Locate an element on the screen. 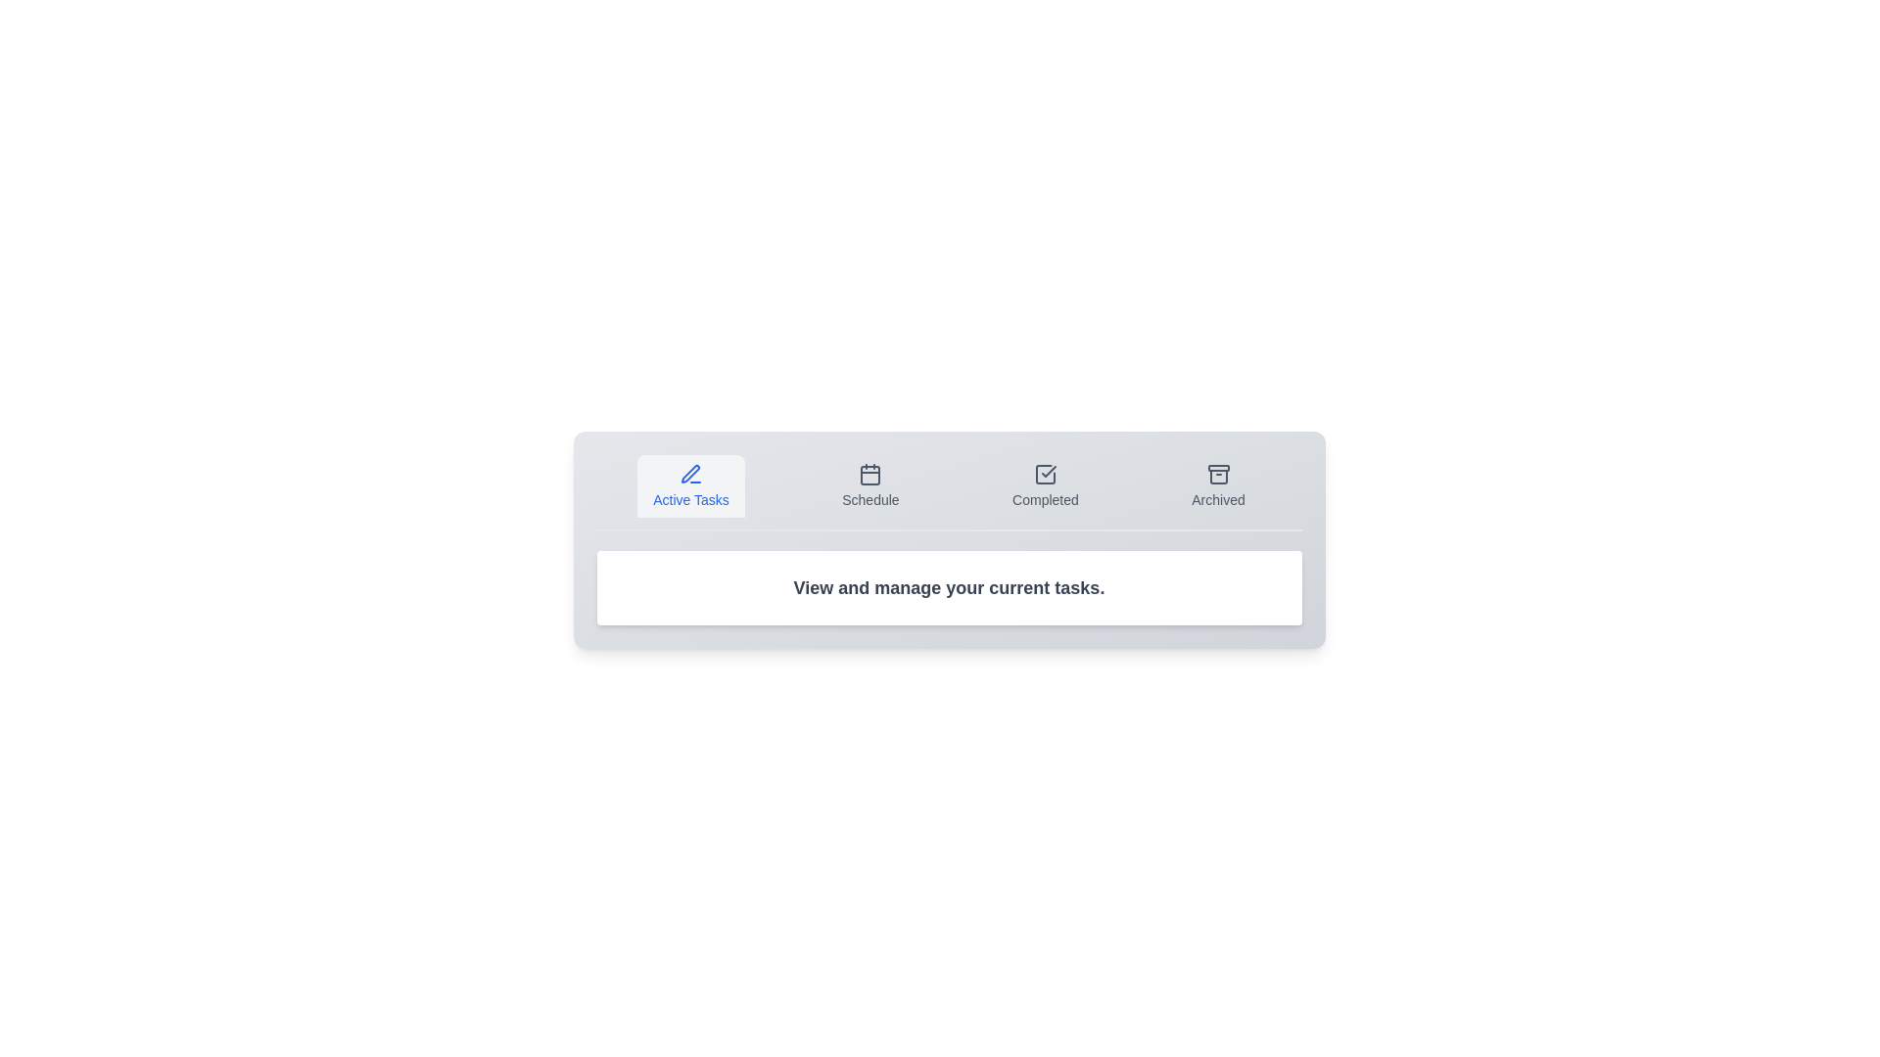 This screenshot has width=1880, height=1057. the tab labeled Active Tasks is located at coordinates (690, 485).